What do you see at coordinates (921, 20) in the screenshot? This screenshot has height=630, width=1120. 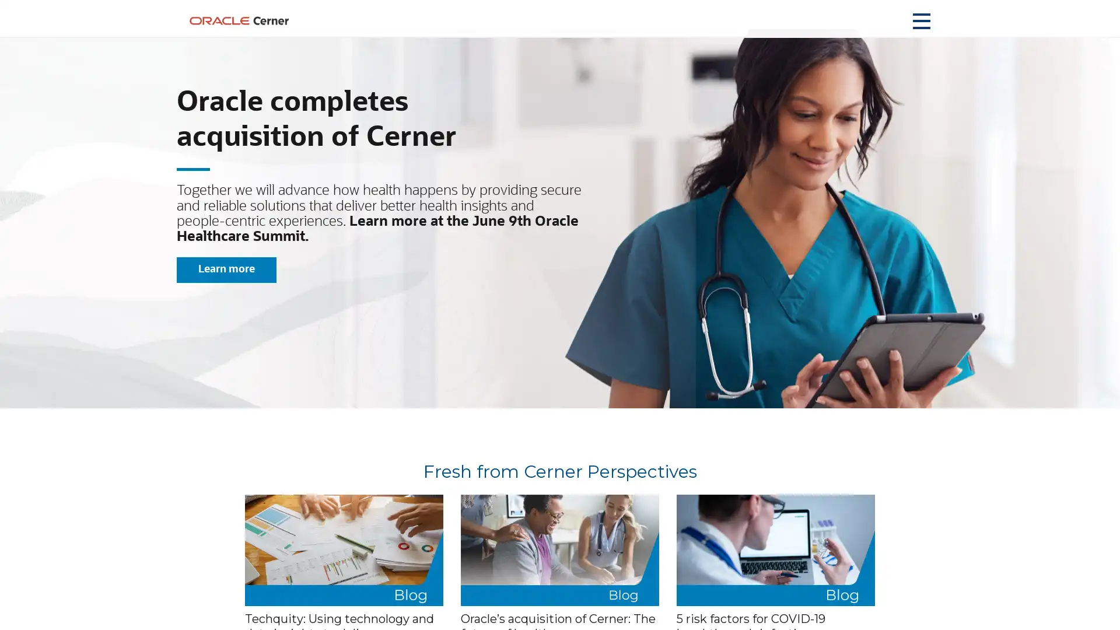 I see `Toggle navigation` at bounding box center [921, 20].